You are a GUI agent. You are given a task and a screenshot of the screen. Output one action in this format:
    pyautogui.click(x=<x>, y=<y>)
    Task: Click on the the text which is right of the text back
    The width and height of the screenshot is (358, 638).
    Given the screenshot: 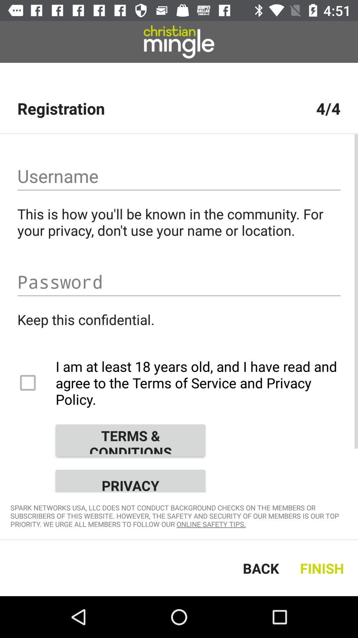 What is the action you would take?
    pyautogui.click(x=323, y=568)
    